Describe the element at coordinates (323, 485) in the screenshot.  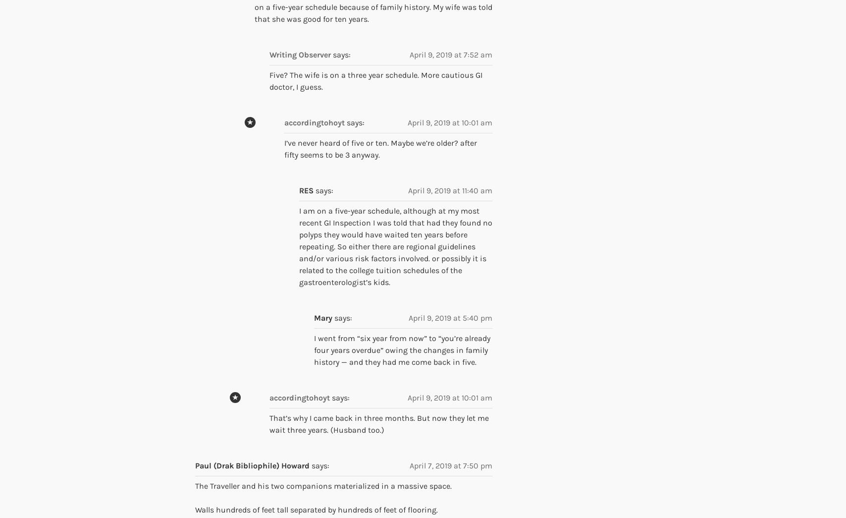
I see `'The Traveller and his two companions materialized in a massive space.'` at that location.